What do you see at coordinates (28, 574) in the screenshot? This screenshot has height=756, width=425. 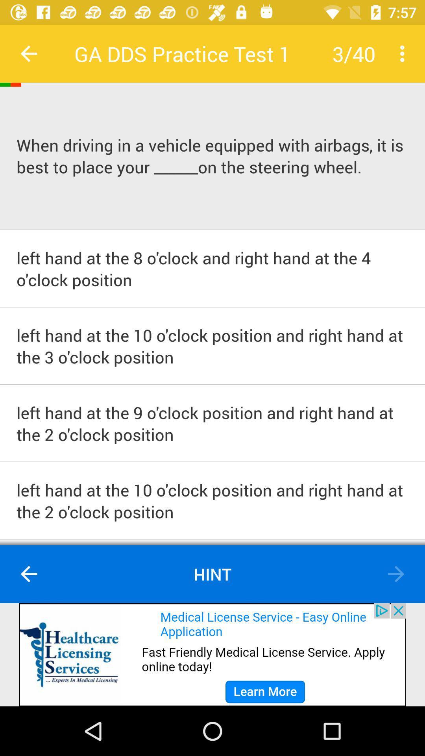 I see `the arrow_backward icon` at bounding box center [28, 574].